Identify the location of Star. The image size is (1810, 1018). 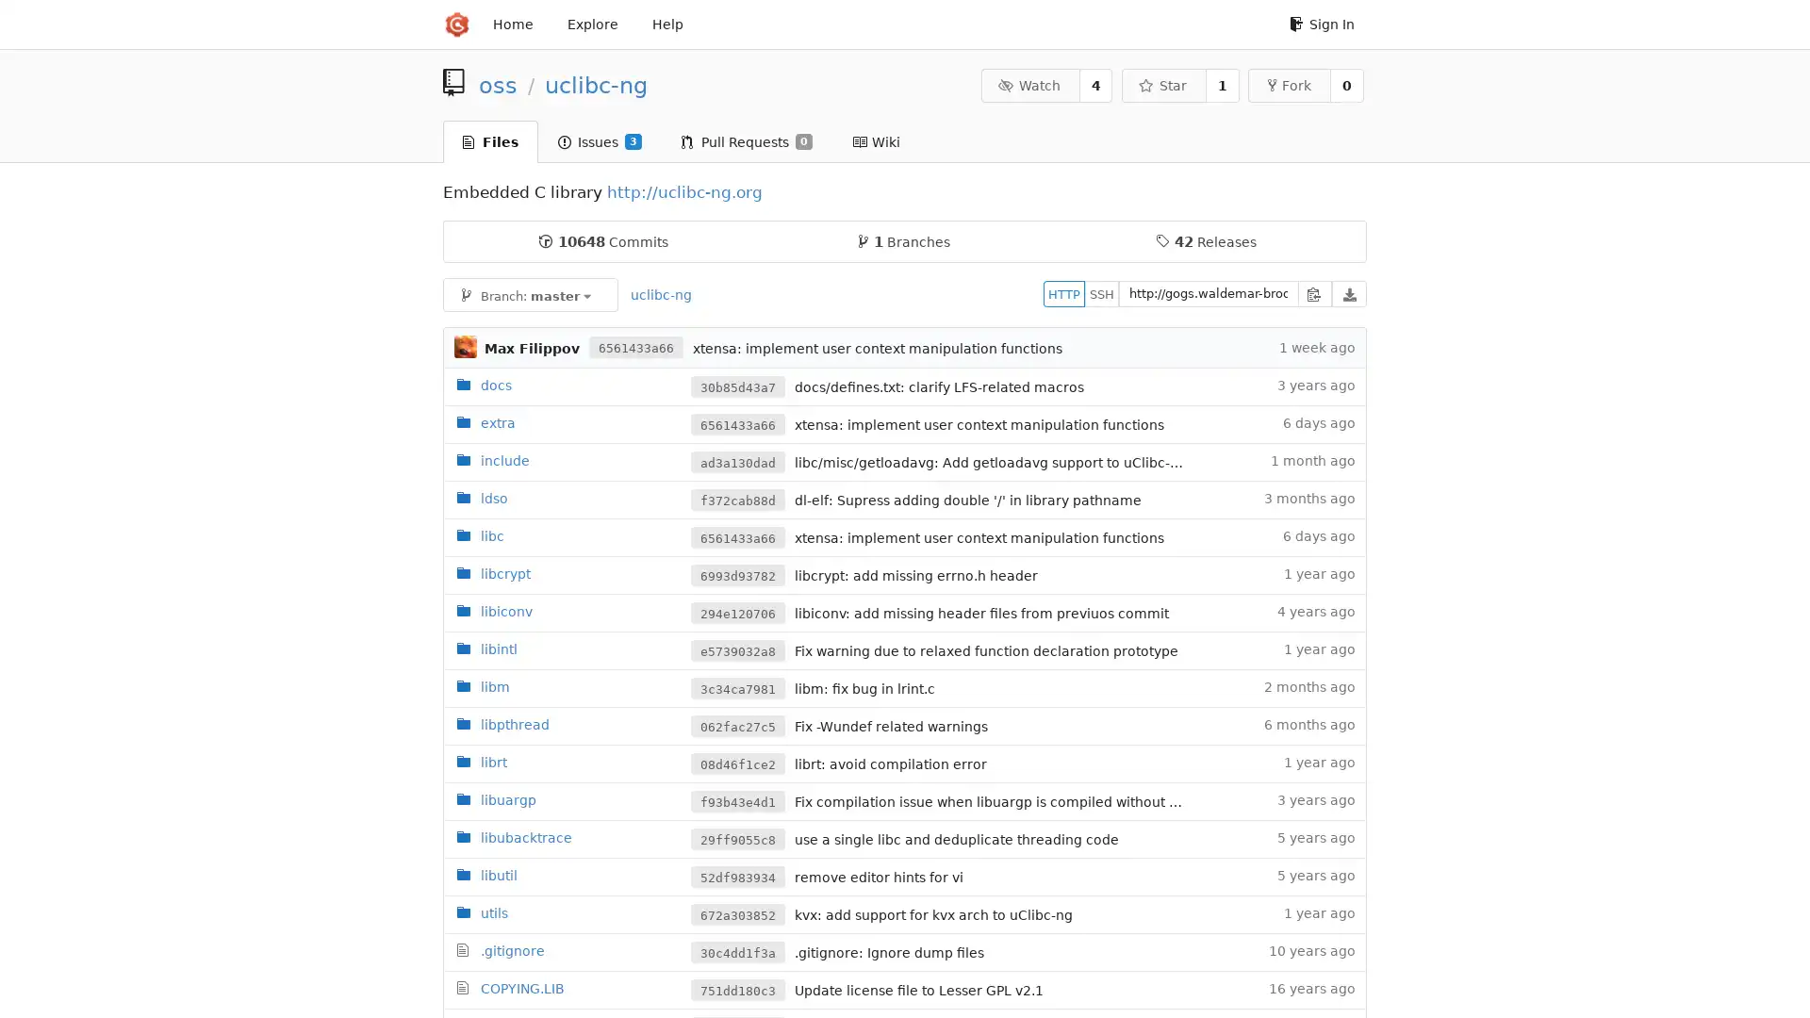
(1162, 86).